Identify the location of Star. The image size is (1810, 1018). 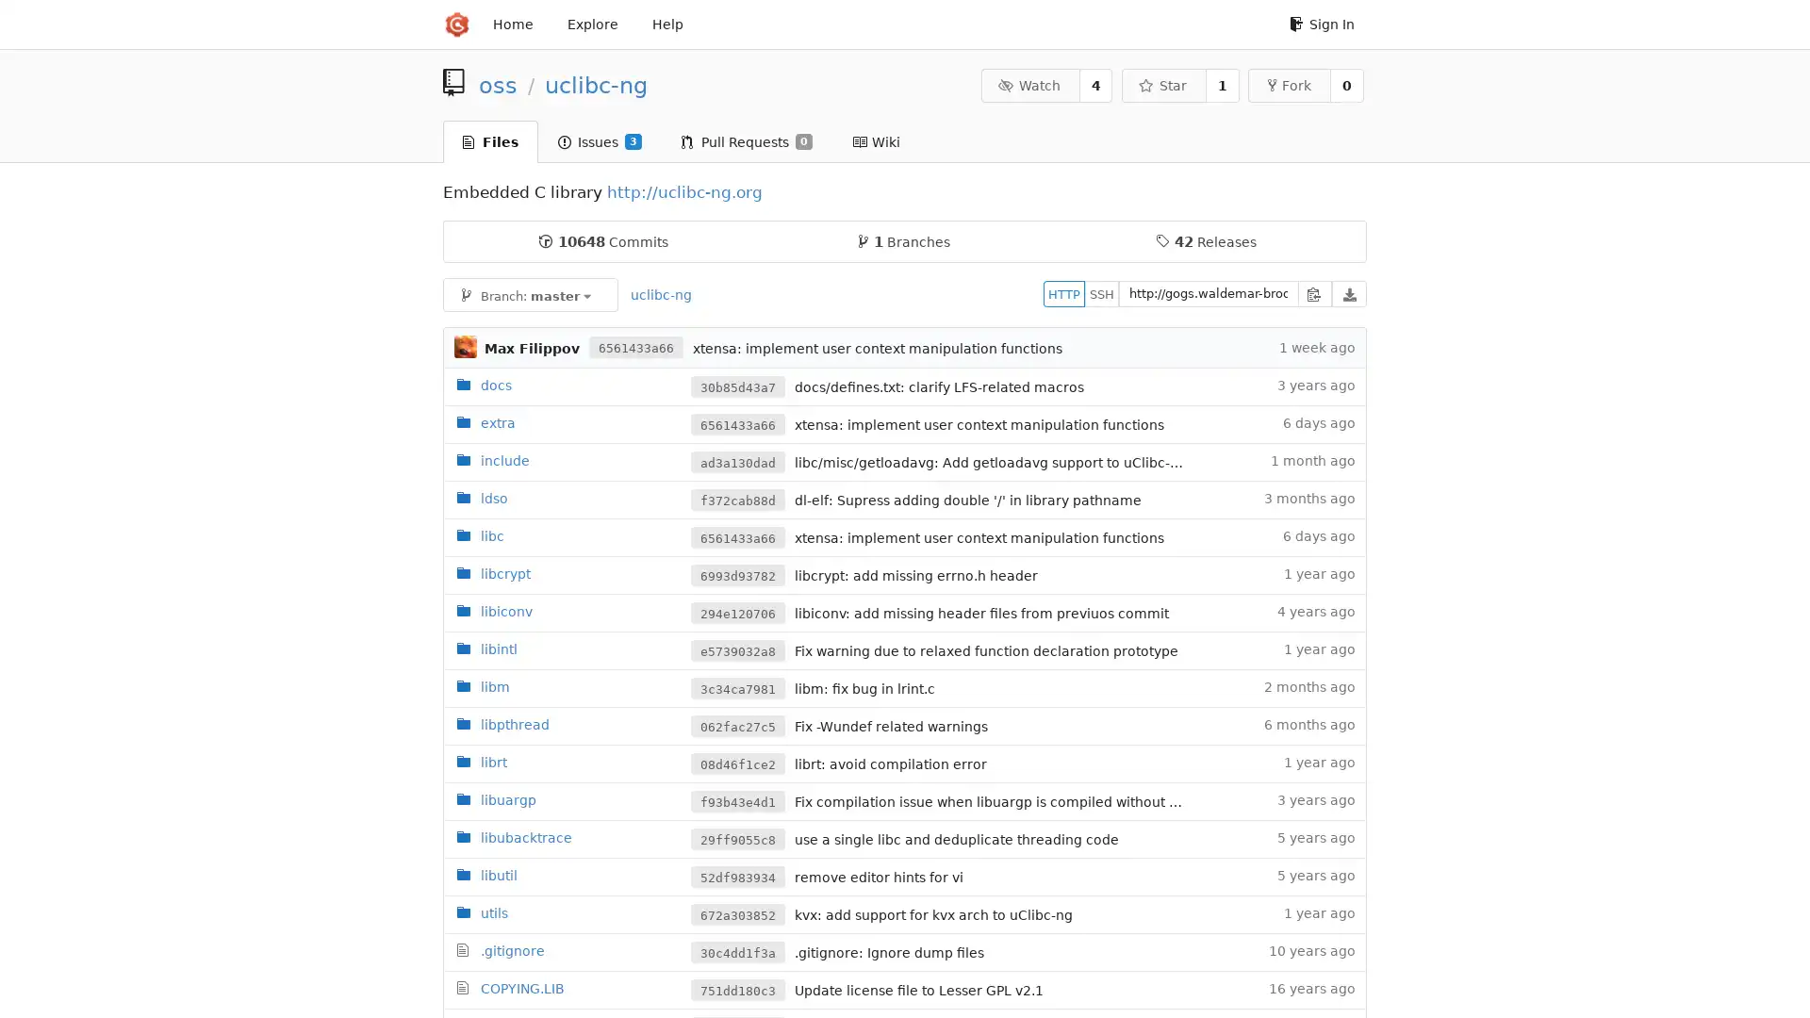
(1162, 86).